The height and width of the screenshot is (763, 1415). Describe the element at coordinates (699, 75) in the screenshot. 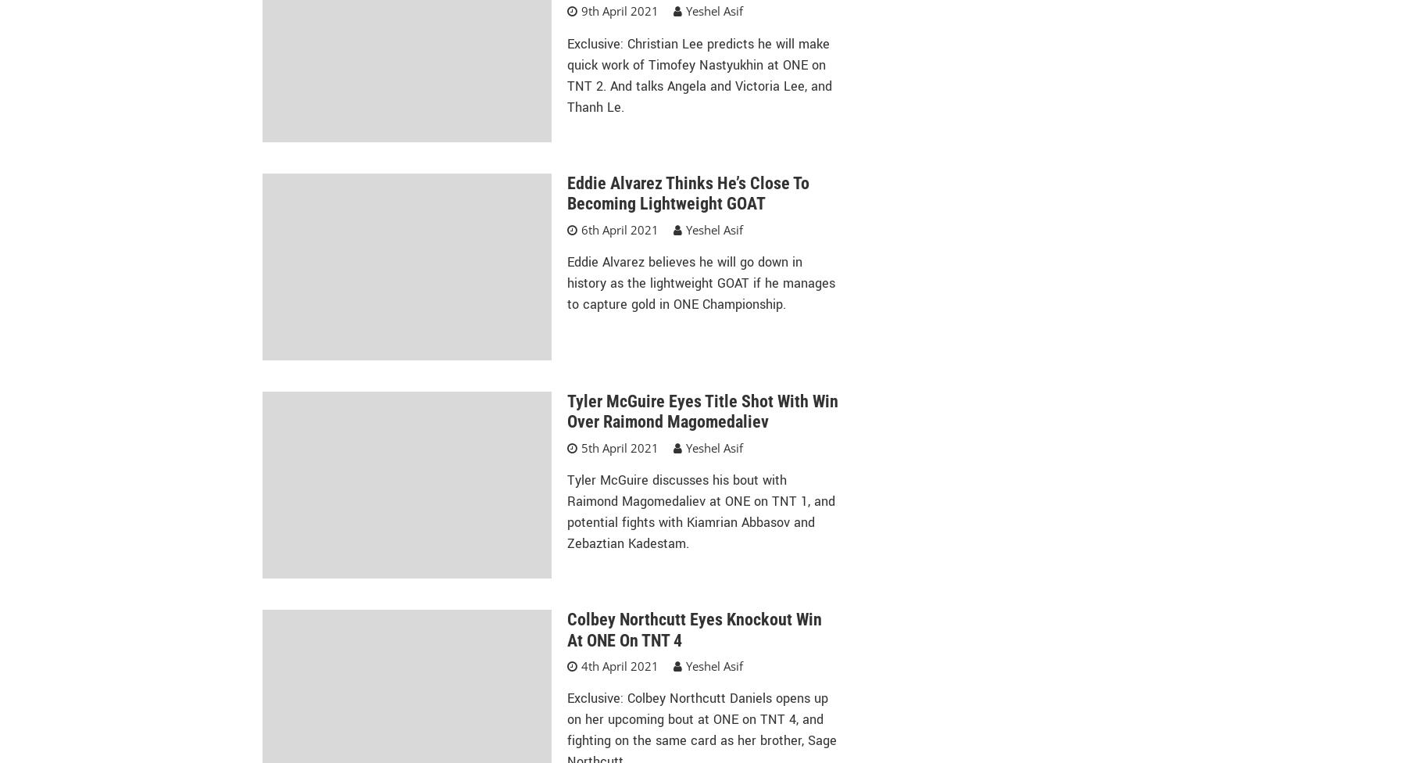

I see `'Exclusive: Christian Lee predicts he will make quick work of Timofey Nastyukhin at ONE on TNT 2. And talks Angela and Victoria Lee, and Thanh Le.'` at that location.